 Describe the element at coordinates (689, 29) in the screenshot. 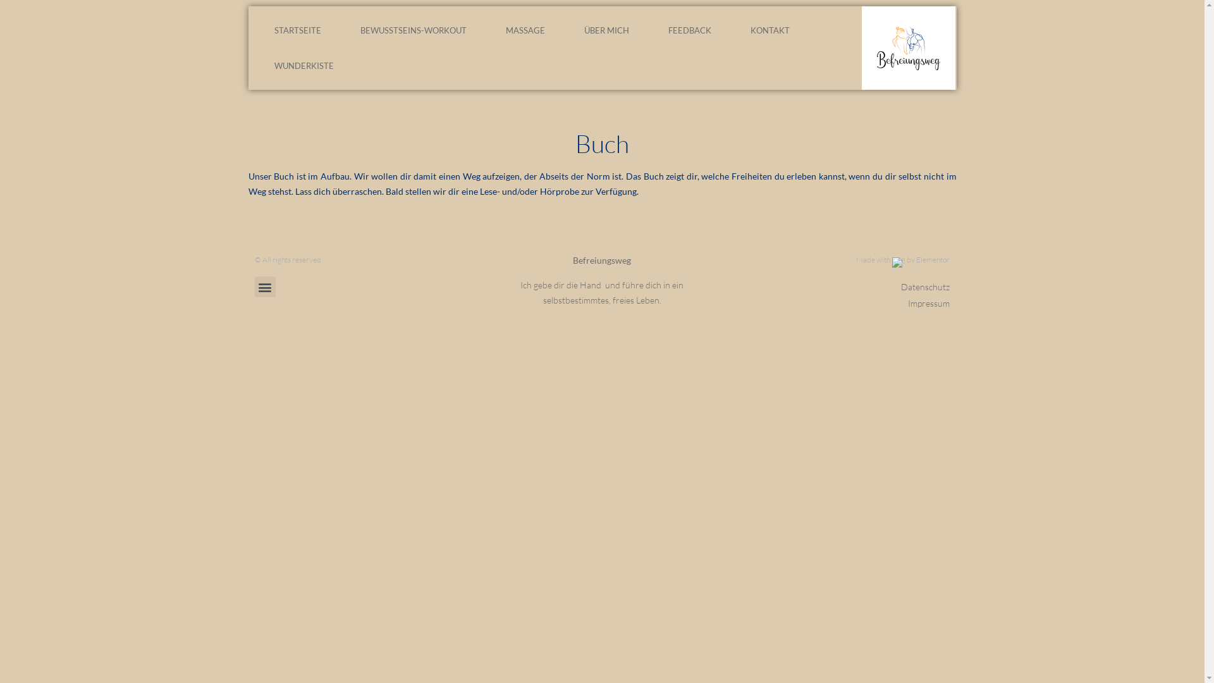

I see `'FEEDBACK'` at that location.